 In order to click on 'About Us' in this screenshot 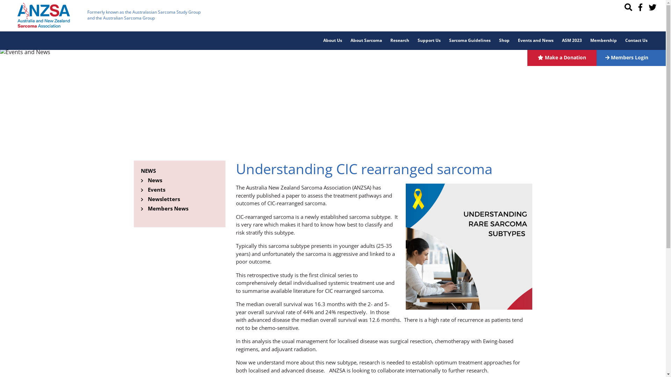, I will do `click(332, 40)`.